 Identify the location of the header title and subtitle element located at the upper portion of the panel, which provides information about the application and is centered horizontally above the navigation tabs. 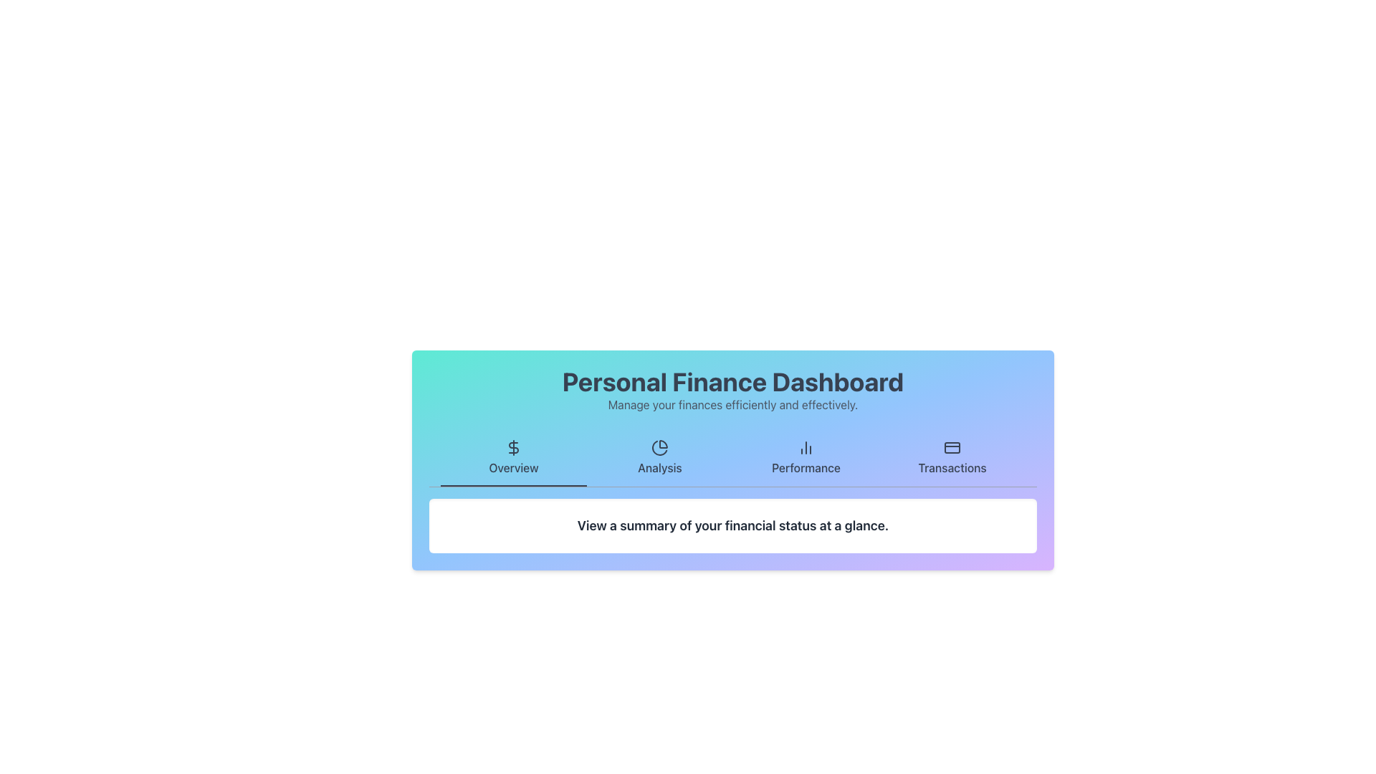
(732, 390).